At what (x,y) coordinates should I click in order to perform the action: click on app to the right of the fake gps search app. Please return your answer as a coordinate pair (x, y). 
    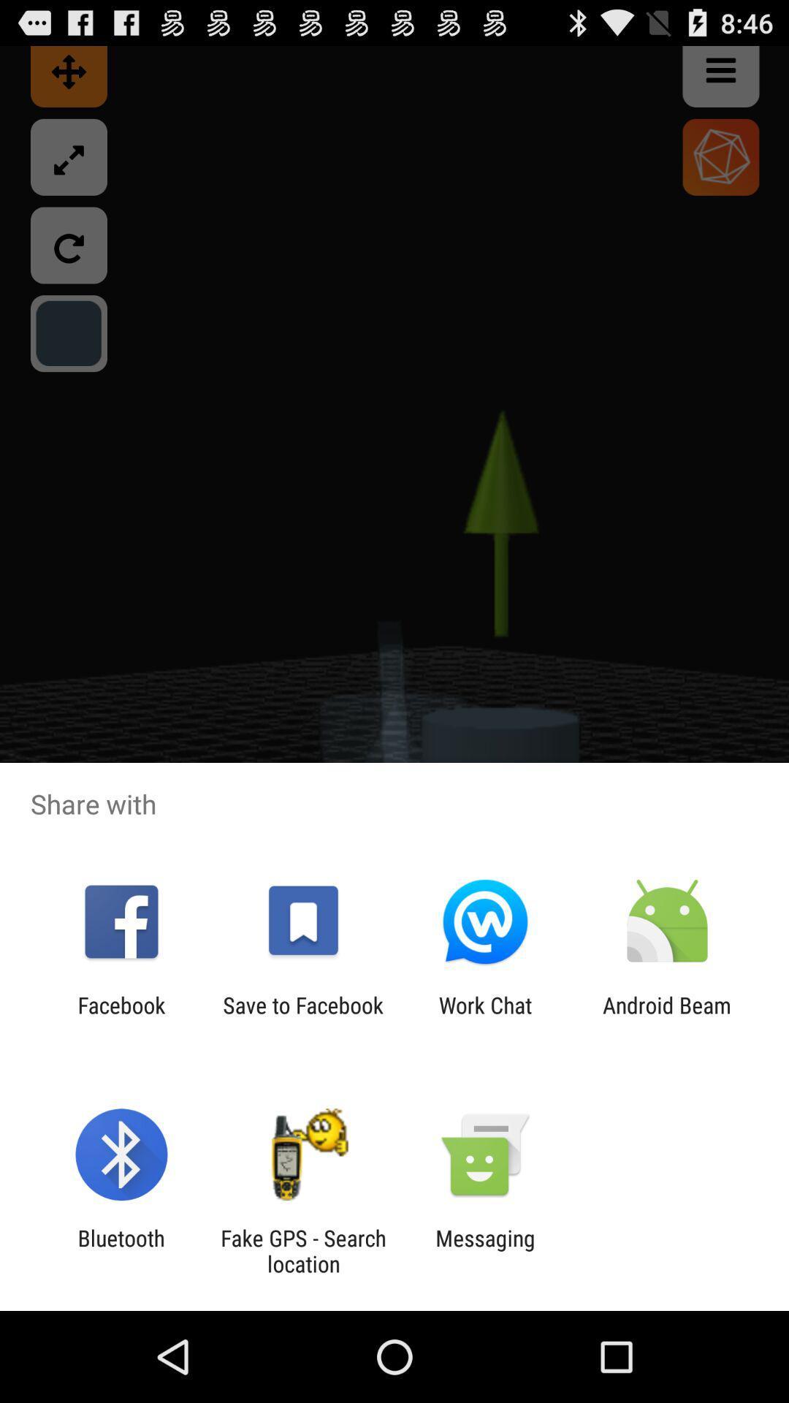
    Looking at the image, I should click on (485, 1250).